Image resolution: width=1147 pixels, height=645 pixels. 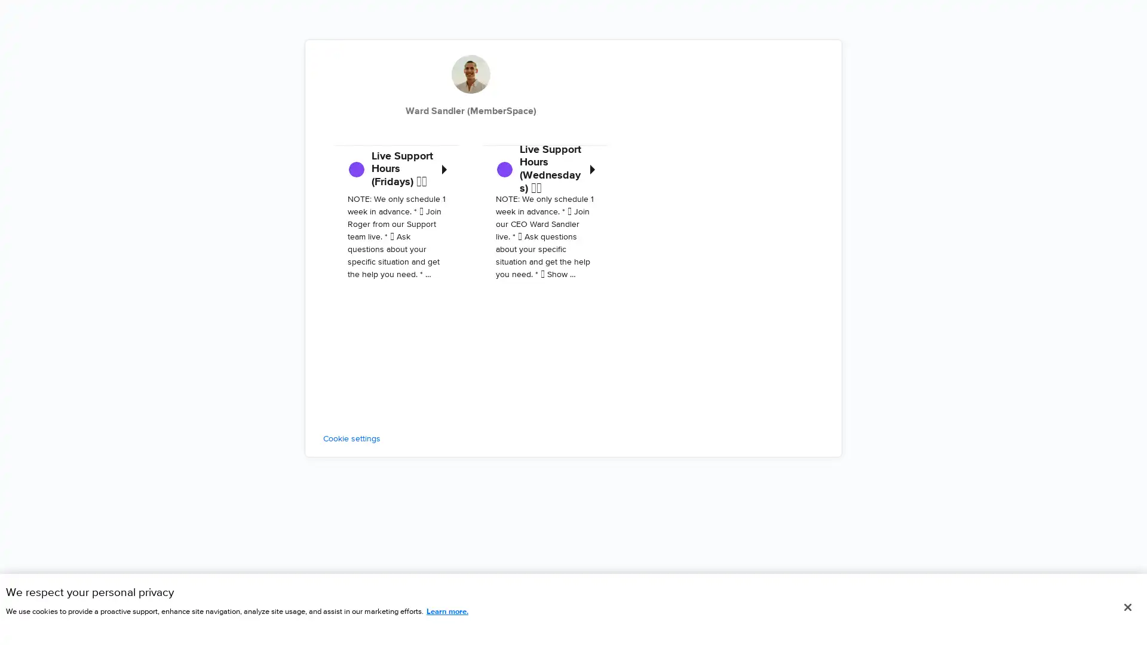 What do you see at coordinates (303, 439) in the screenshot?
I see `Cookie settings` at bounding box center [303, 439].